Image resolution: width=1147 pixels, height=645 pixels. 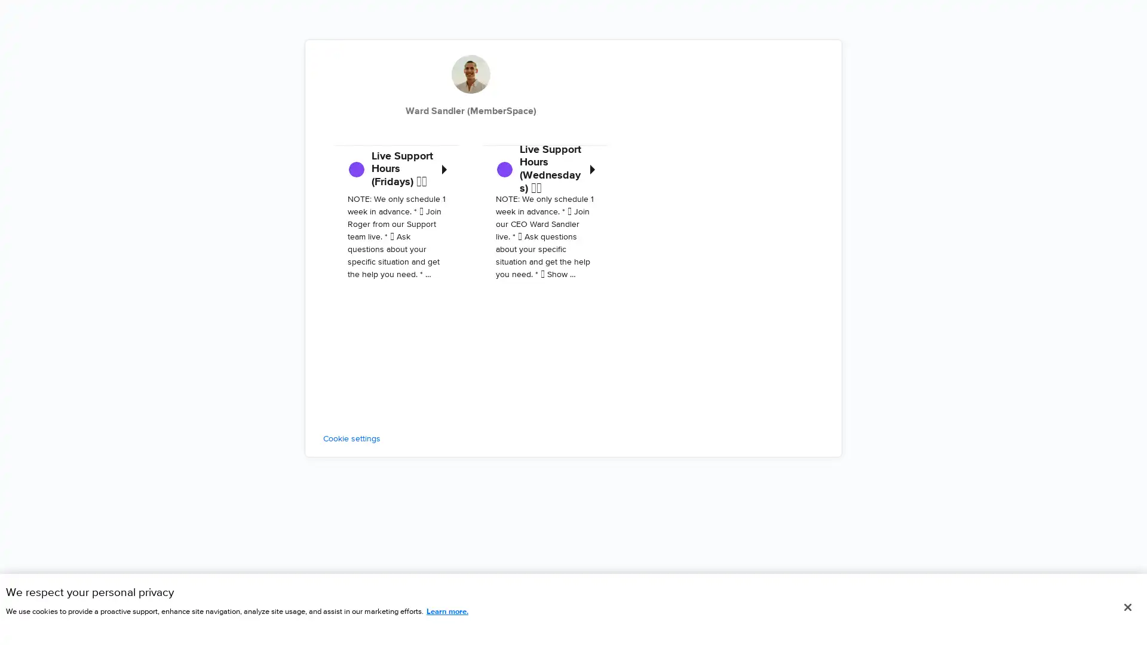 What do you see at coordinates (303, 439) in the screenshot?
I see `Cookie settings` at bounding box center [303, 439].